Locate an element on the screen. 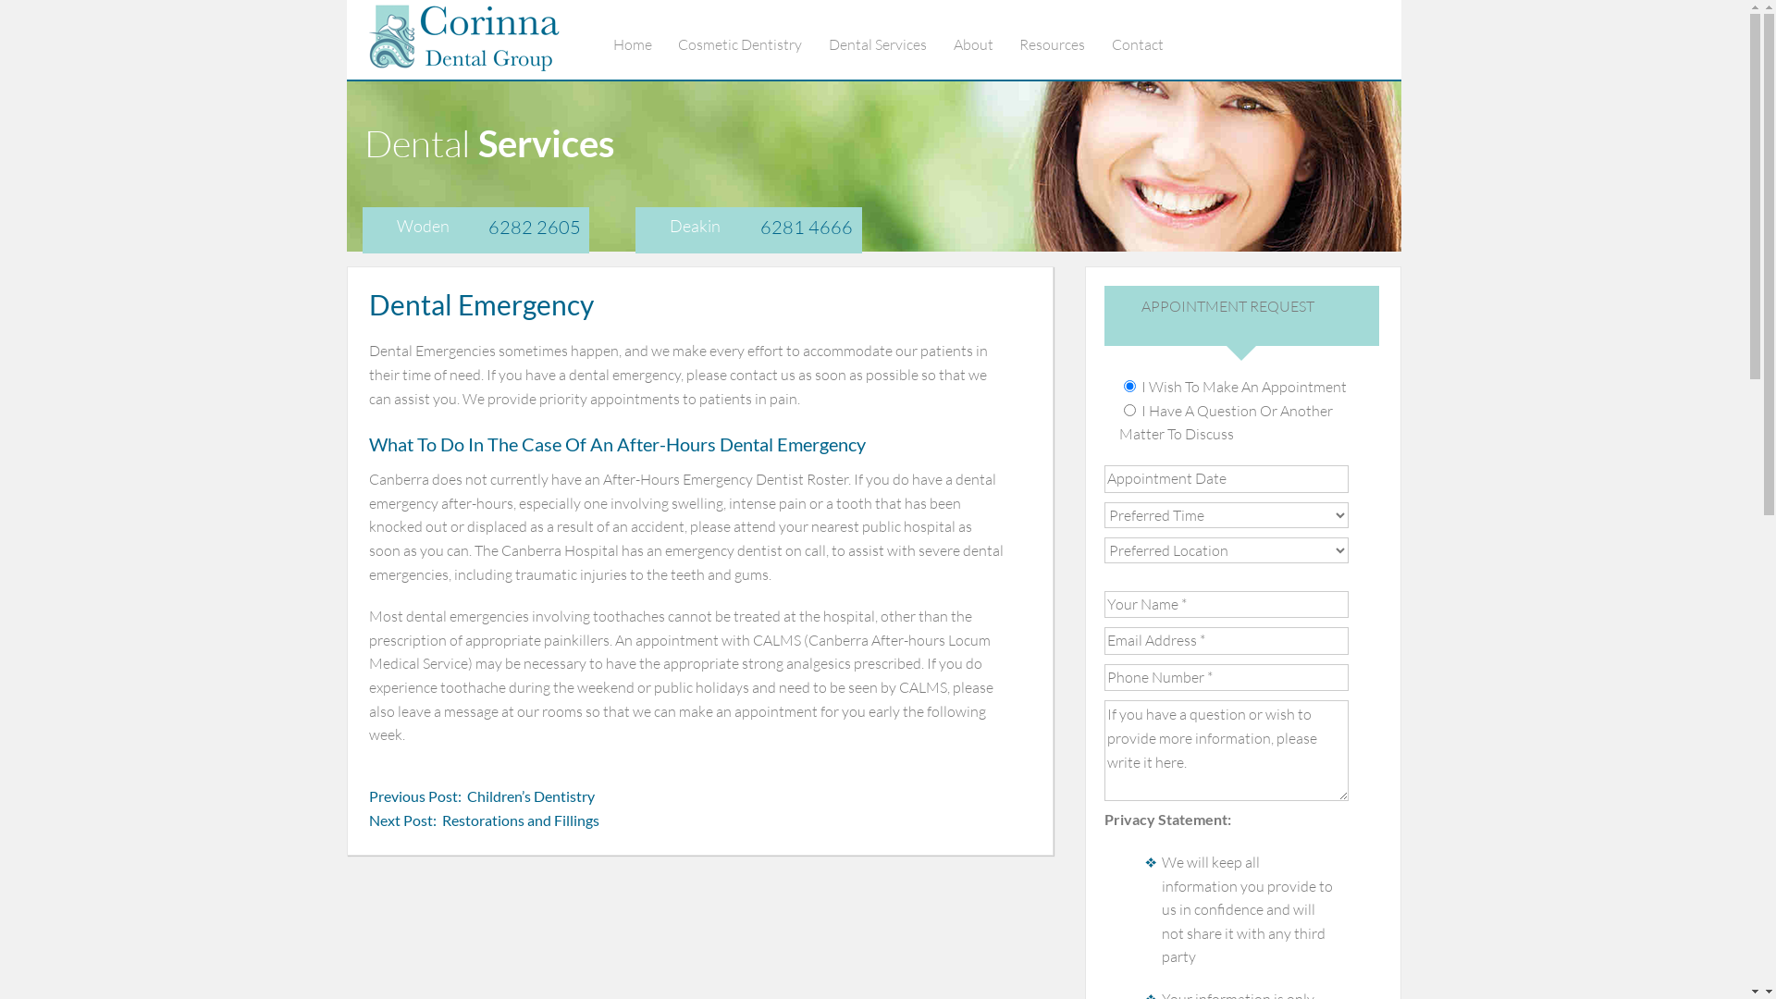 This screenshot has width=1776, height=999. 'Home' is located at coordinates (644, 43).